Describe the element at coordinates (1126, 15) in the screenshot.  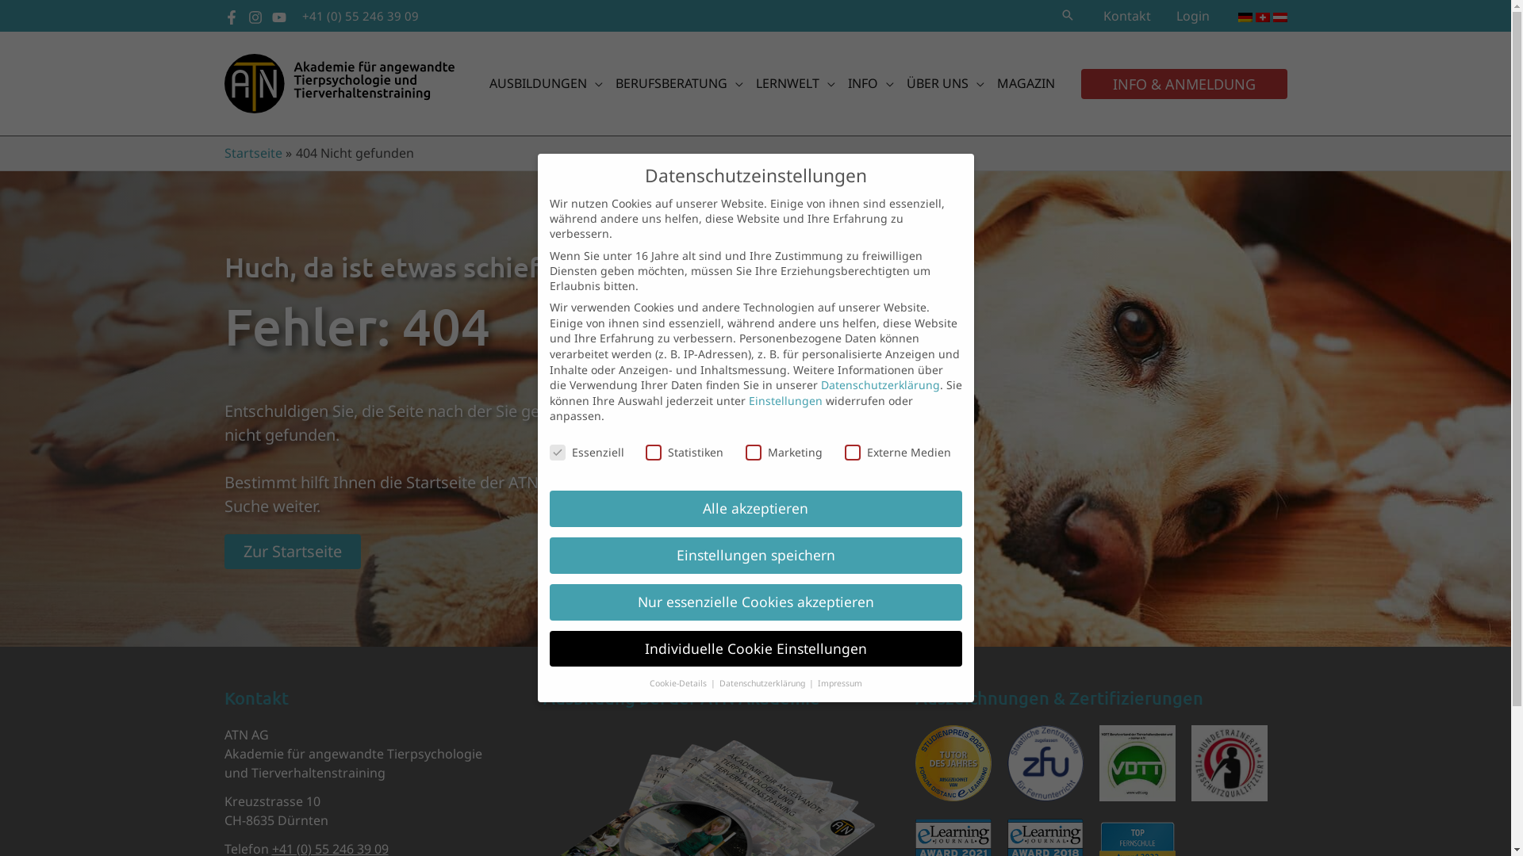
I see `'Kontakt'` at that location.